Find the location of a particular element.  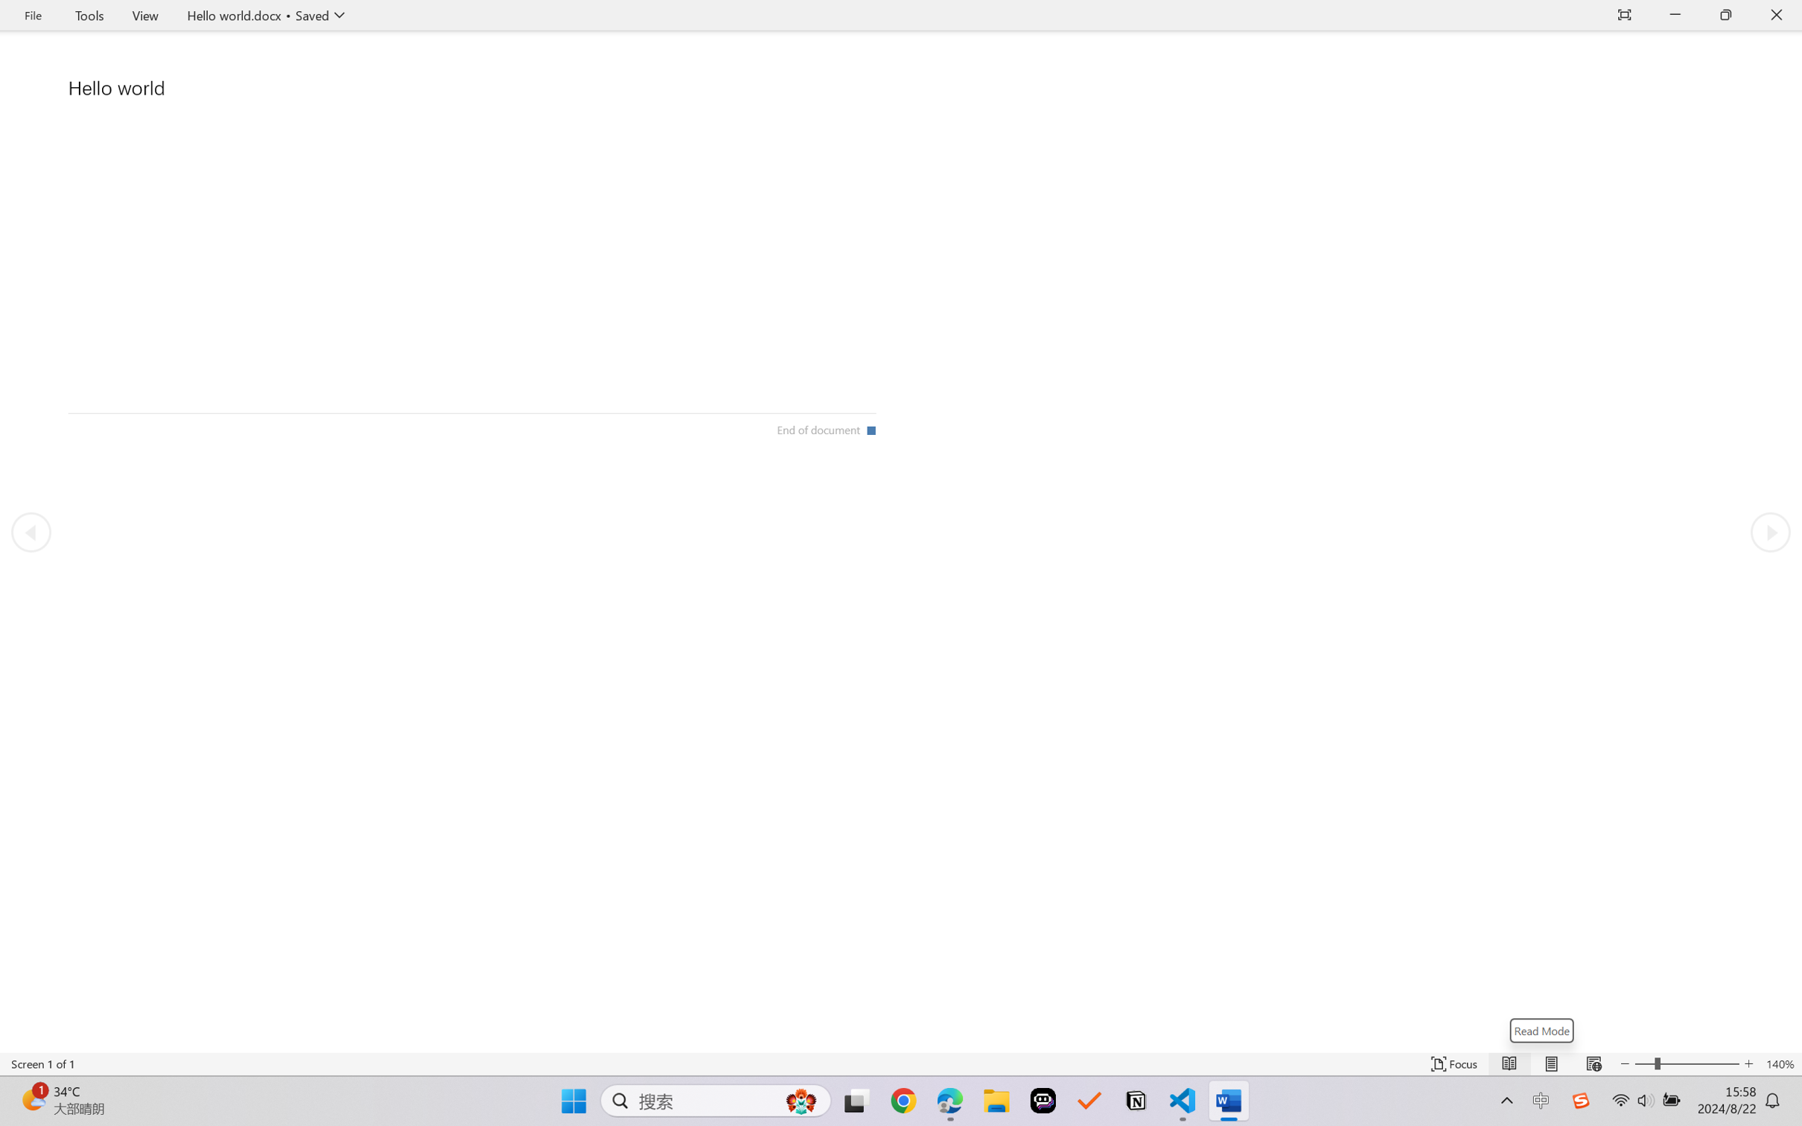

'Focus ' is located at coordinates (1454, 1063).